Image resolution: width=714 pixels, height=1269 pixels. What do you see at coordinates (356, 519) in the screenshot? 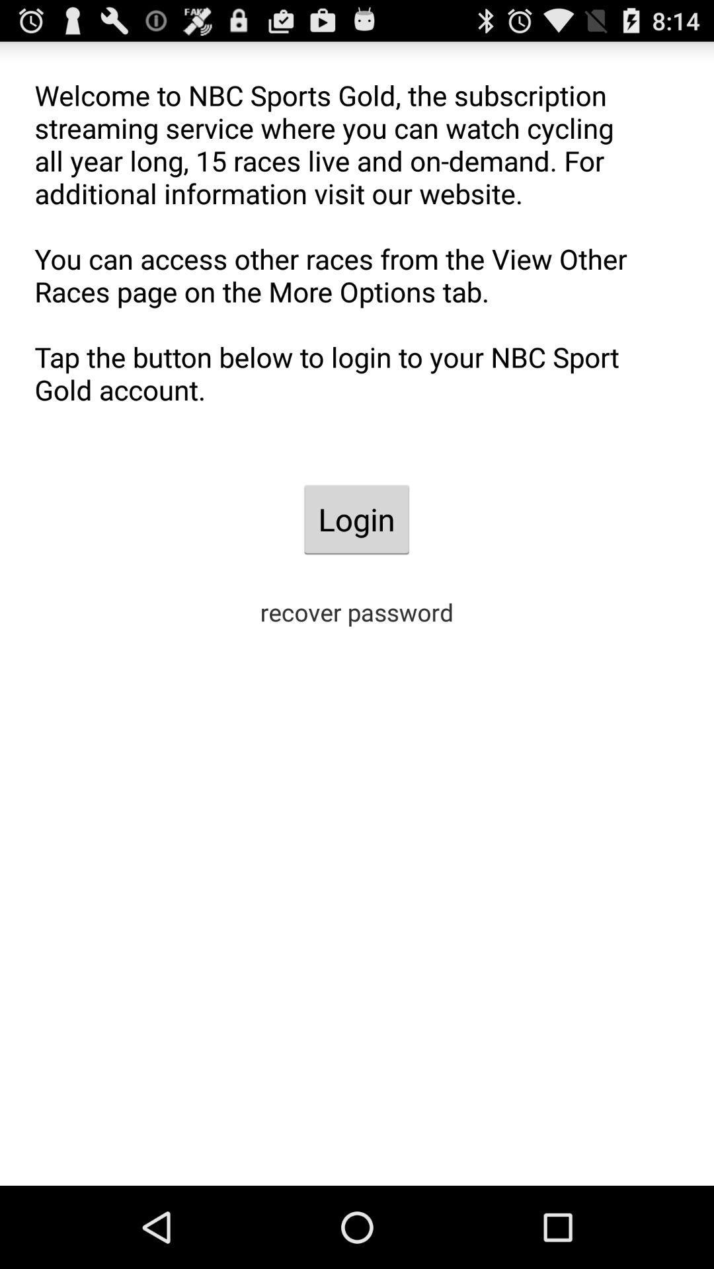
I see `the icon above the recover password icon` at bounding box center [356, 519].